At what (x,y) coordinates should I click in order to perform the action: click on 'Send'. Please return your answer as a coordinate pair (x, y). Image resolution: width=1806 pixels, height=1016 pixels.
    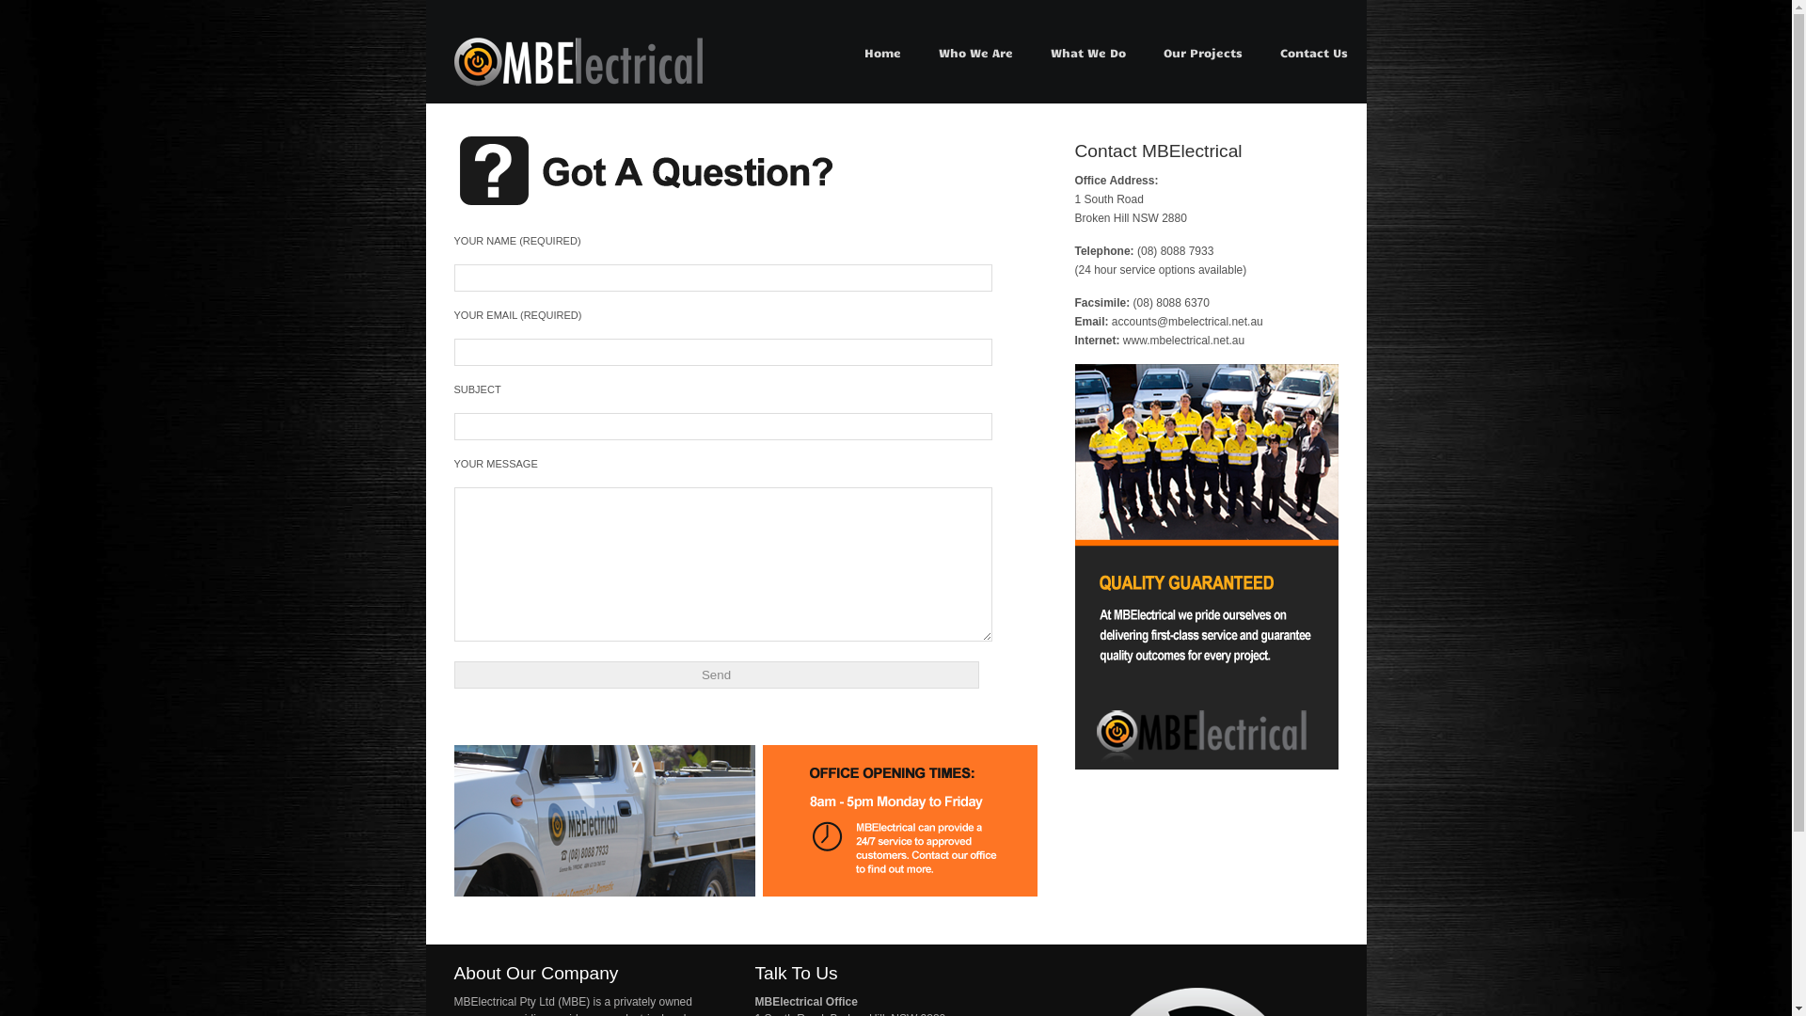
    Looking at the image, I should click on (715, 674).